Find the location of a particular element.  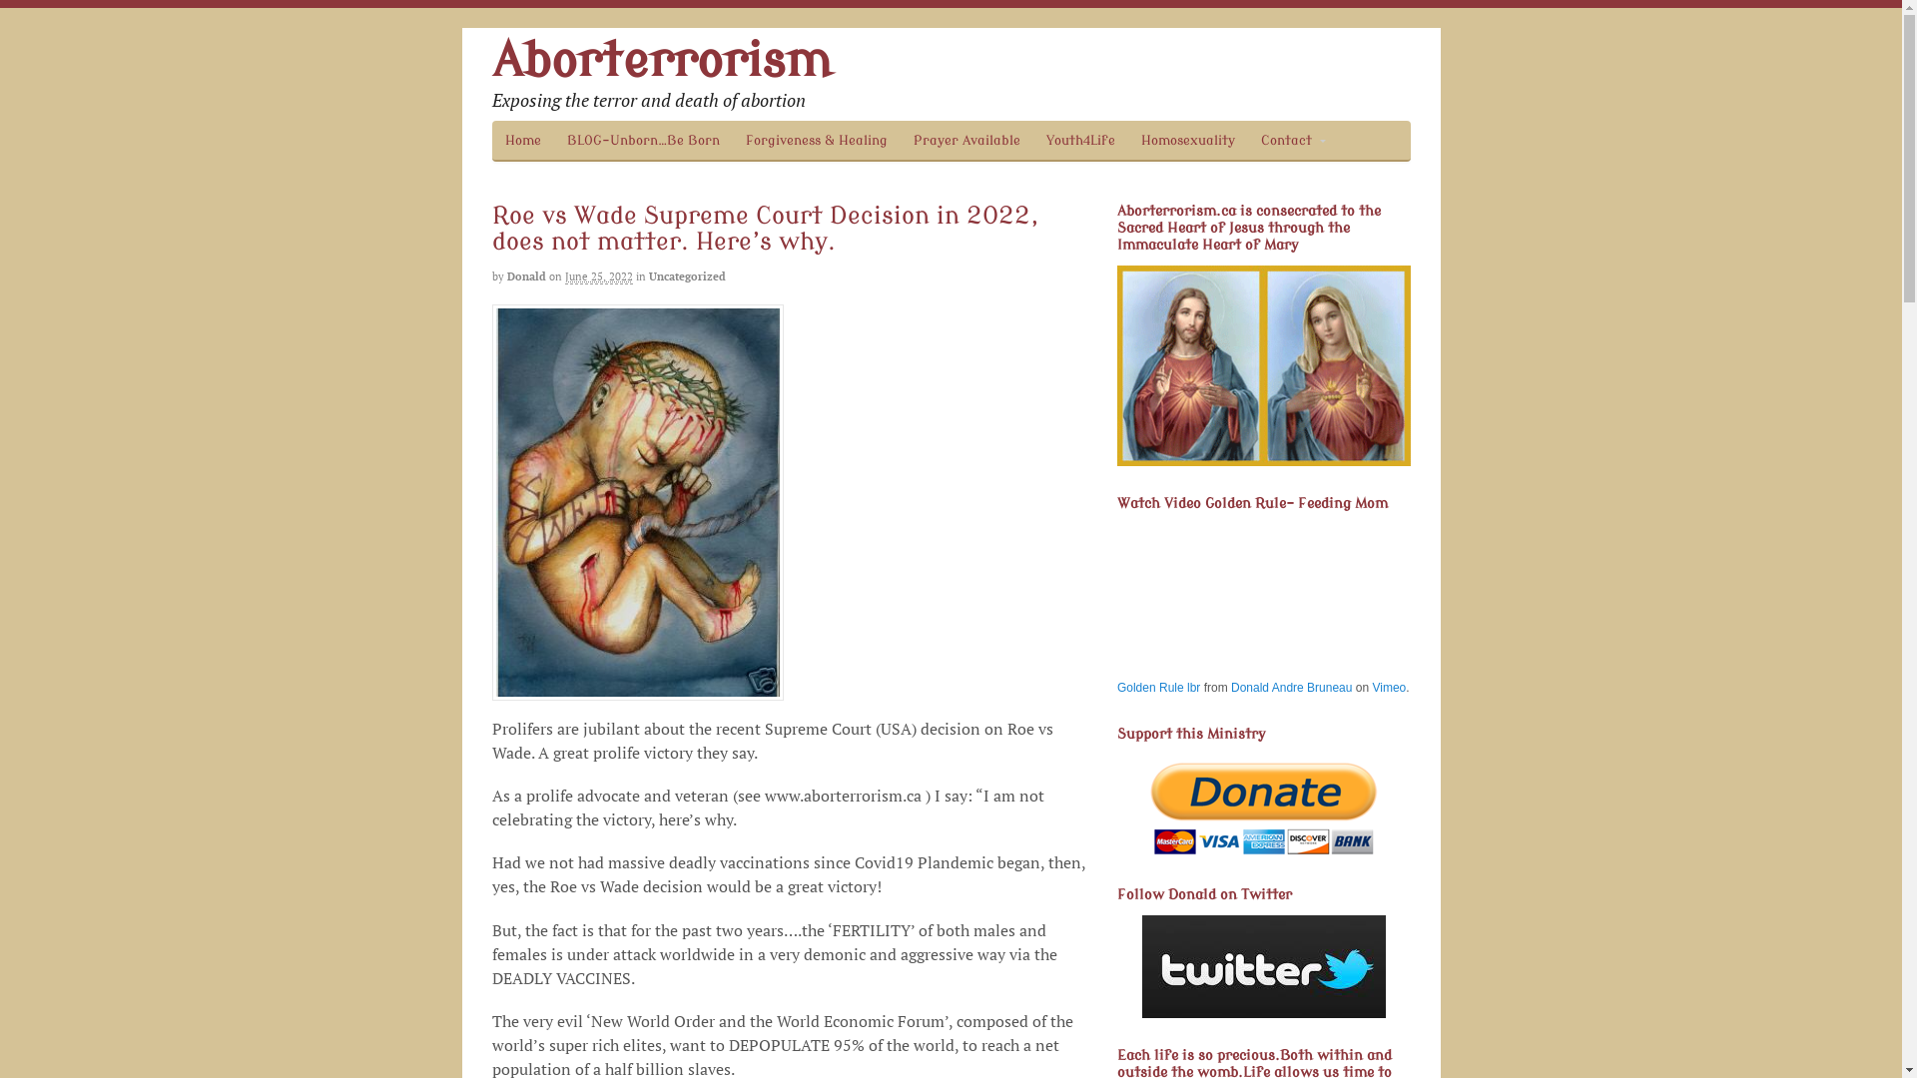

'Uncategorized' is located at coordinates (648, 276).